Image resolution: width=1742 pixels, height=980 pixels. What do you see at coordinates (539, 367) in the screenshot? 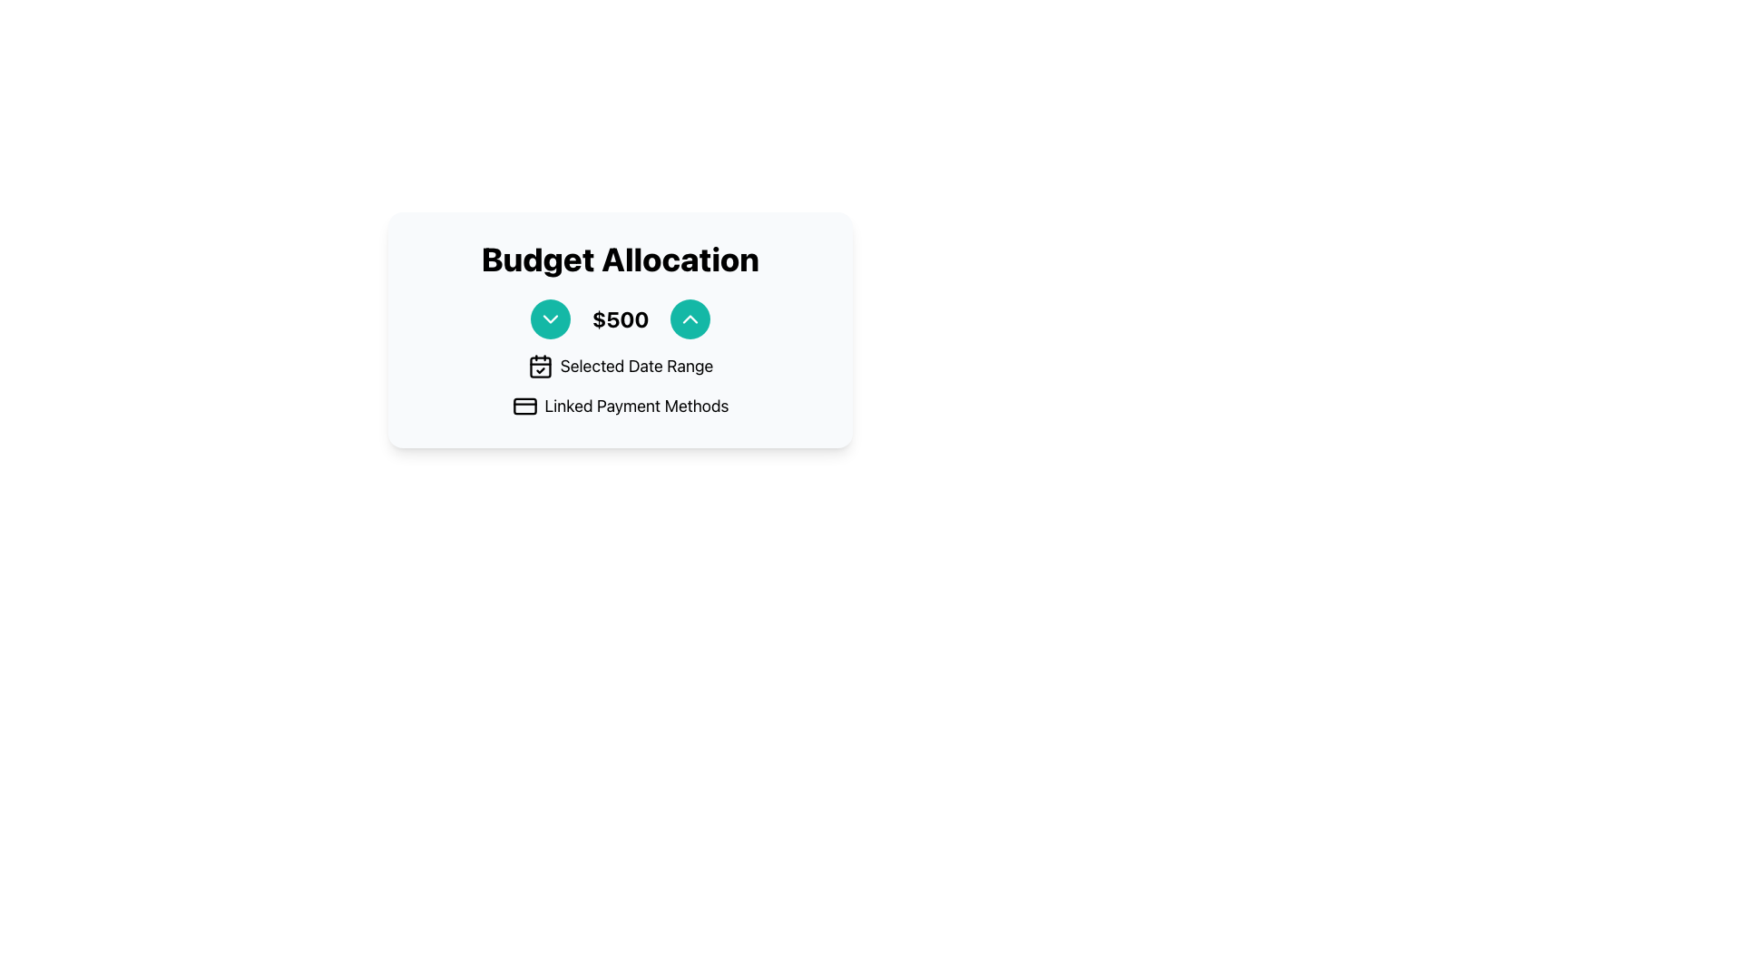
I see `the calendar icon with a checkmark located to the left of the 'Selected Date Range' label under the 'Budget Allocation' section` at bounding box center [539, 367].